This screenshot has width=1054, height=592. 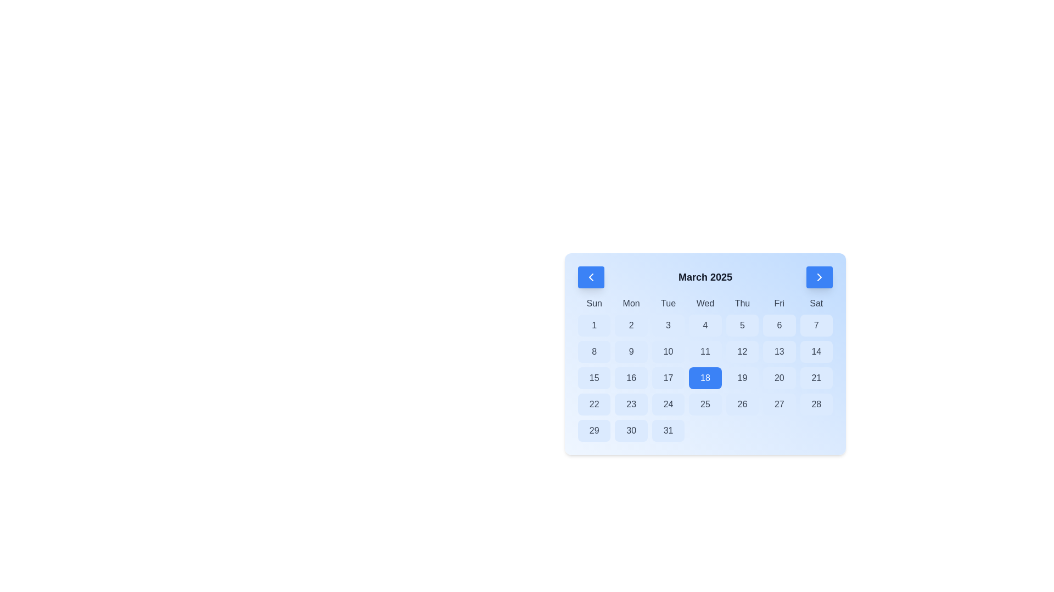 I want to click on the button representing the date '30' in the March 2025 calendar, so click(x=631, y=430).